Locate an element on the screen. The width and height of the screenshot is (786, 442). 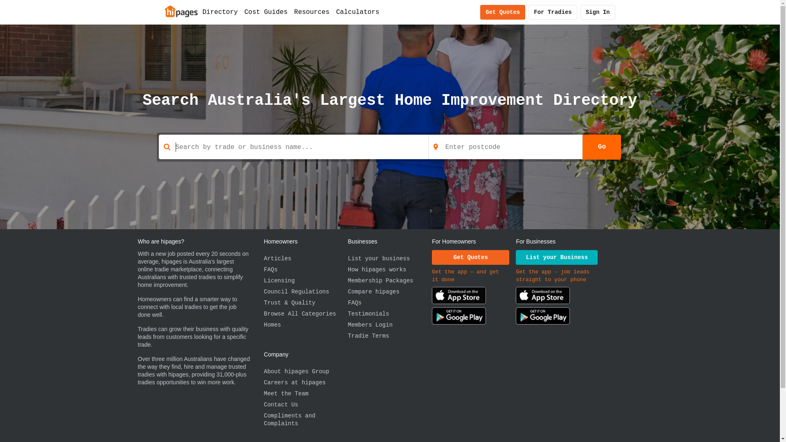
'Meet the Team' is located at coordinates (263, 393).